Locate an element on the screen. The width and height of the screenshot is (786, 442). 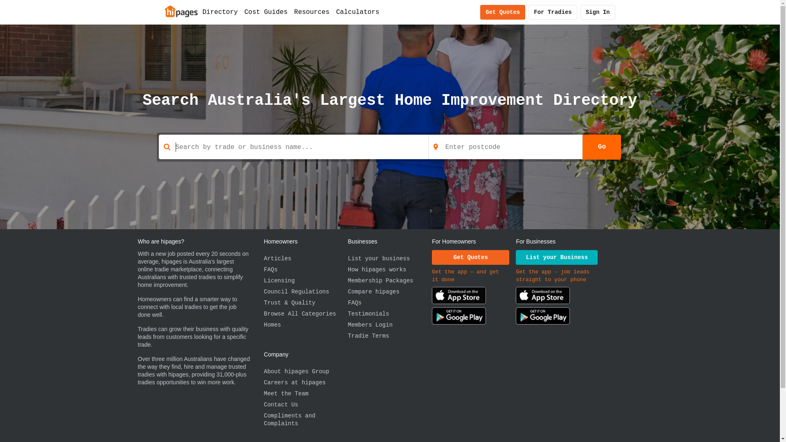
'Meet the Team' is located at coordinates (263, 393).